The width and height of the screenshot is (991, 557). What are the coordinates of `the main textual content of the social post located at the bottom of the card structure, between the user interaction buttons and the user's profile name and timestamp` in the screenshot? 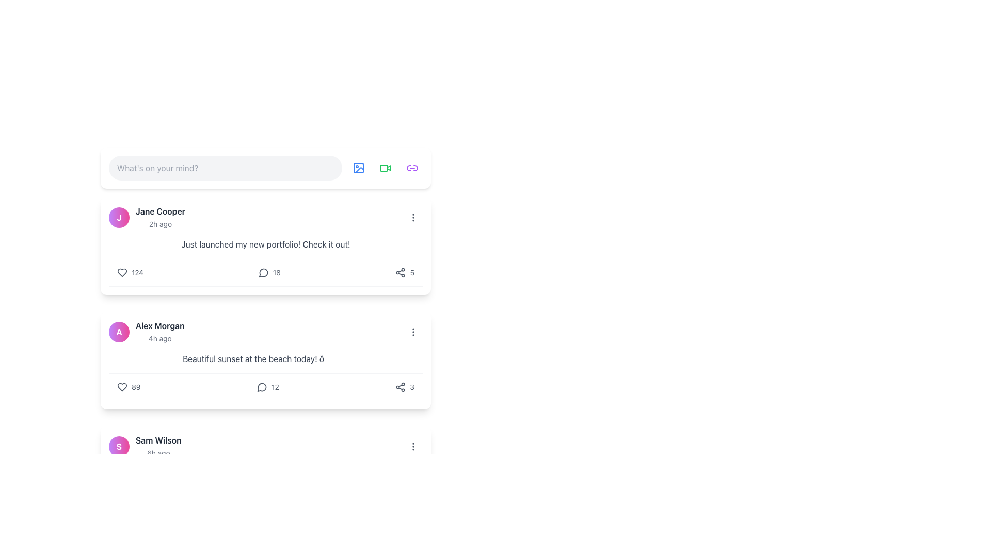 It's located at (265, 358).